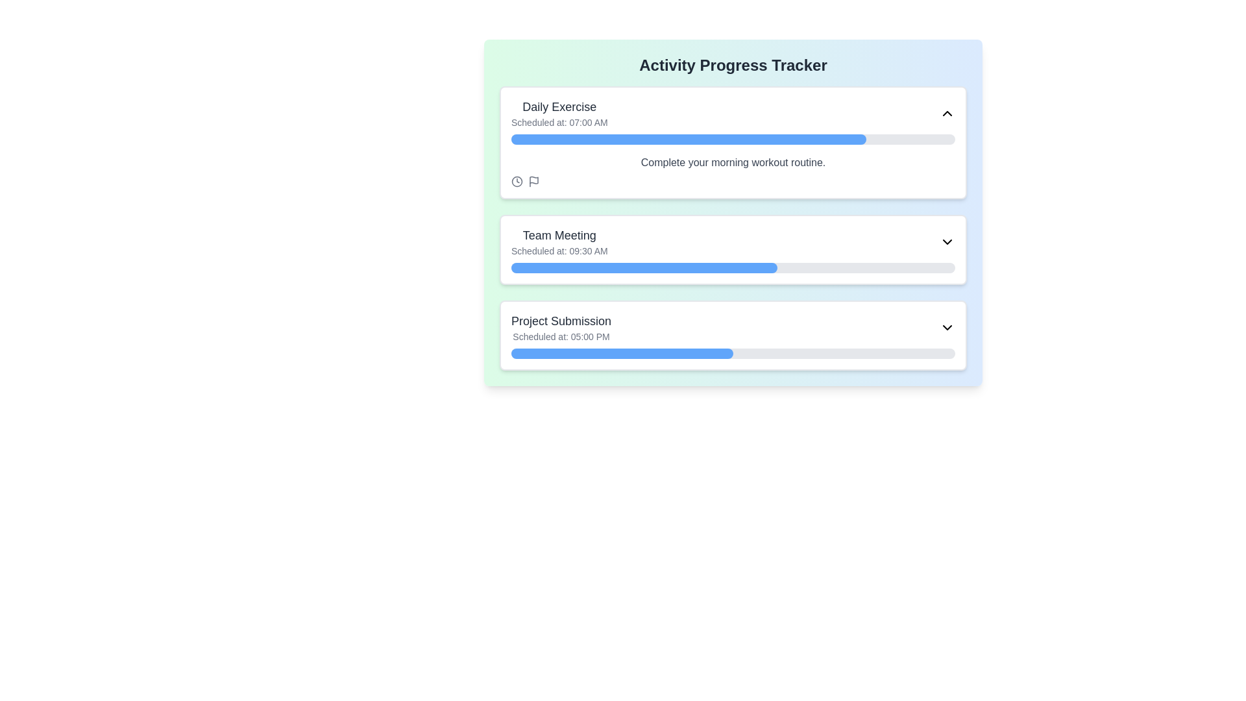 This screenshot has width=1246, height=701. What do you see at coordinates (947, 327) in the screenshot?
I see `the Icon Button (Downward Chevron) located to the far right of the 'Project Submission' section, which allows toggling additional information` at bounding box center [947, 327].